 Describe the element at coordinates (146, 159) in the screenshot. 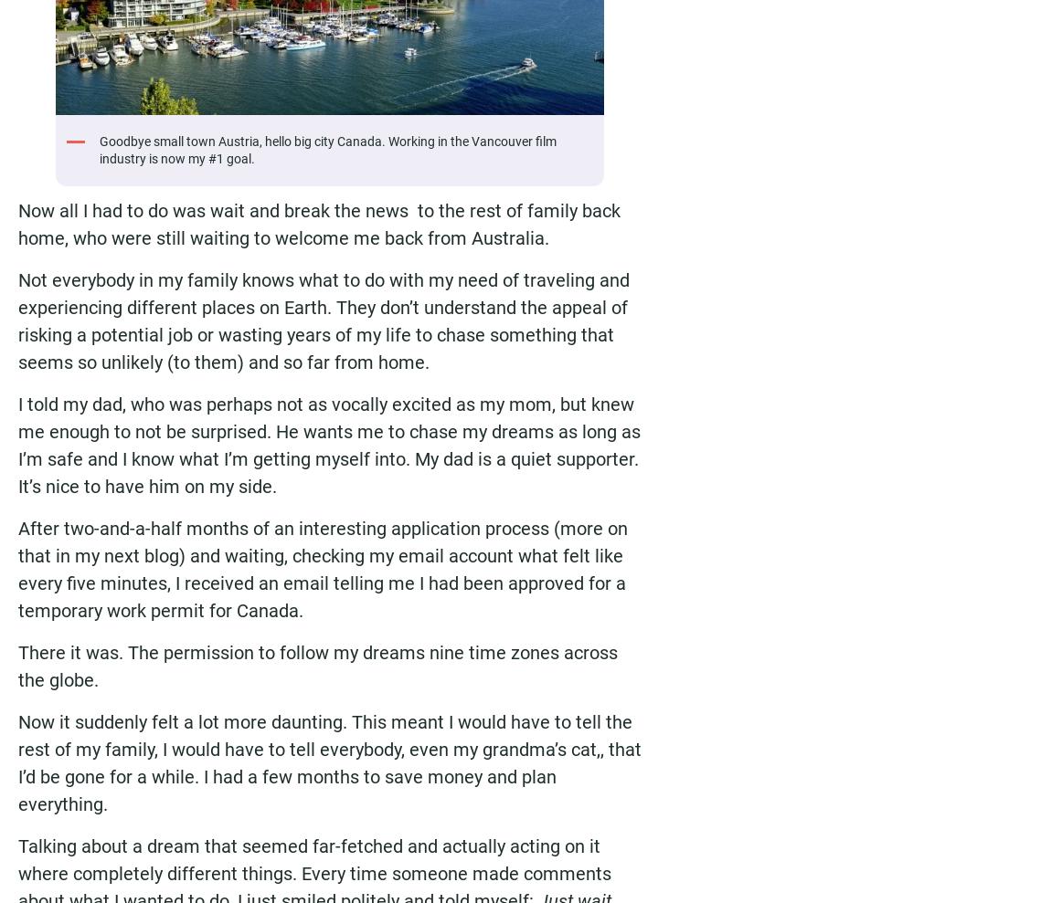

I see `'2023'` at that location.